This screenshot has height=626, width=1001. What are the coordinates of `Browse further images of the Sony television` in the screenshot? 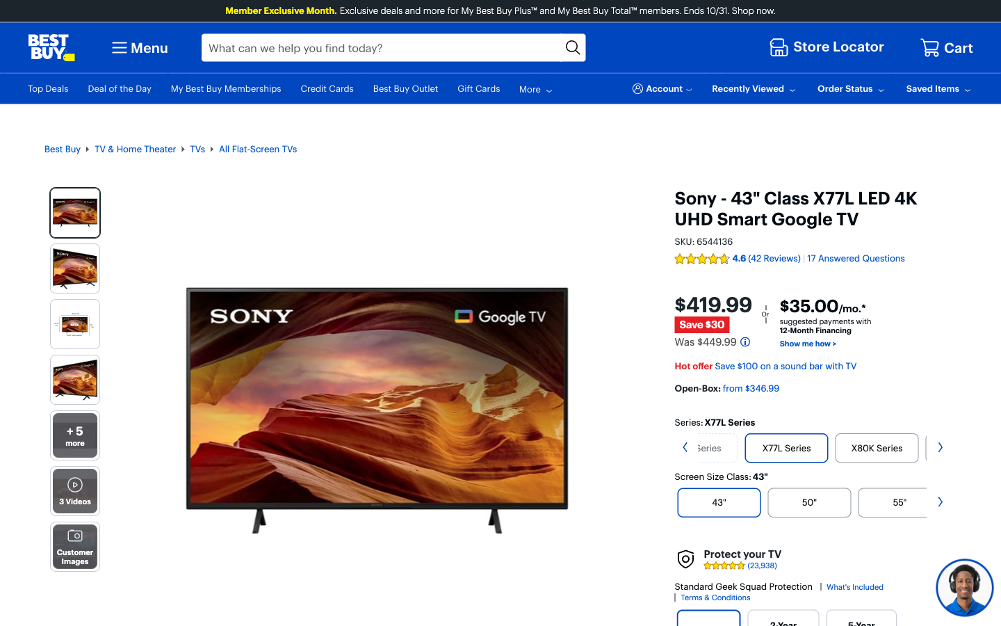 It's located at (75, 435).